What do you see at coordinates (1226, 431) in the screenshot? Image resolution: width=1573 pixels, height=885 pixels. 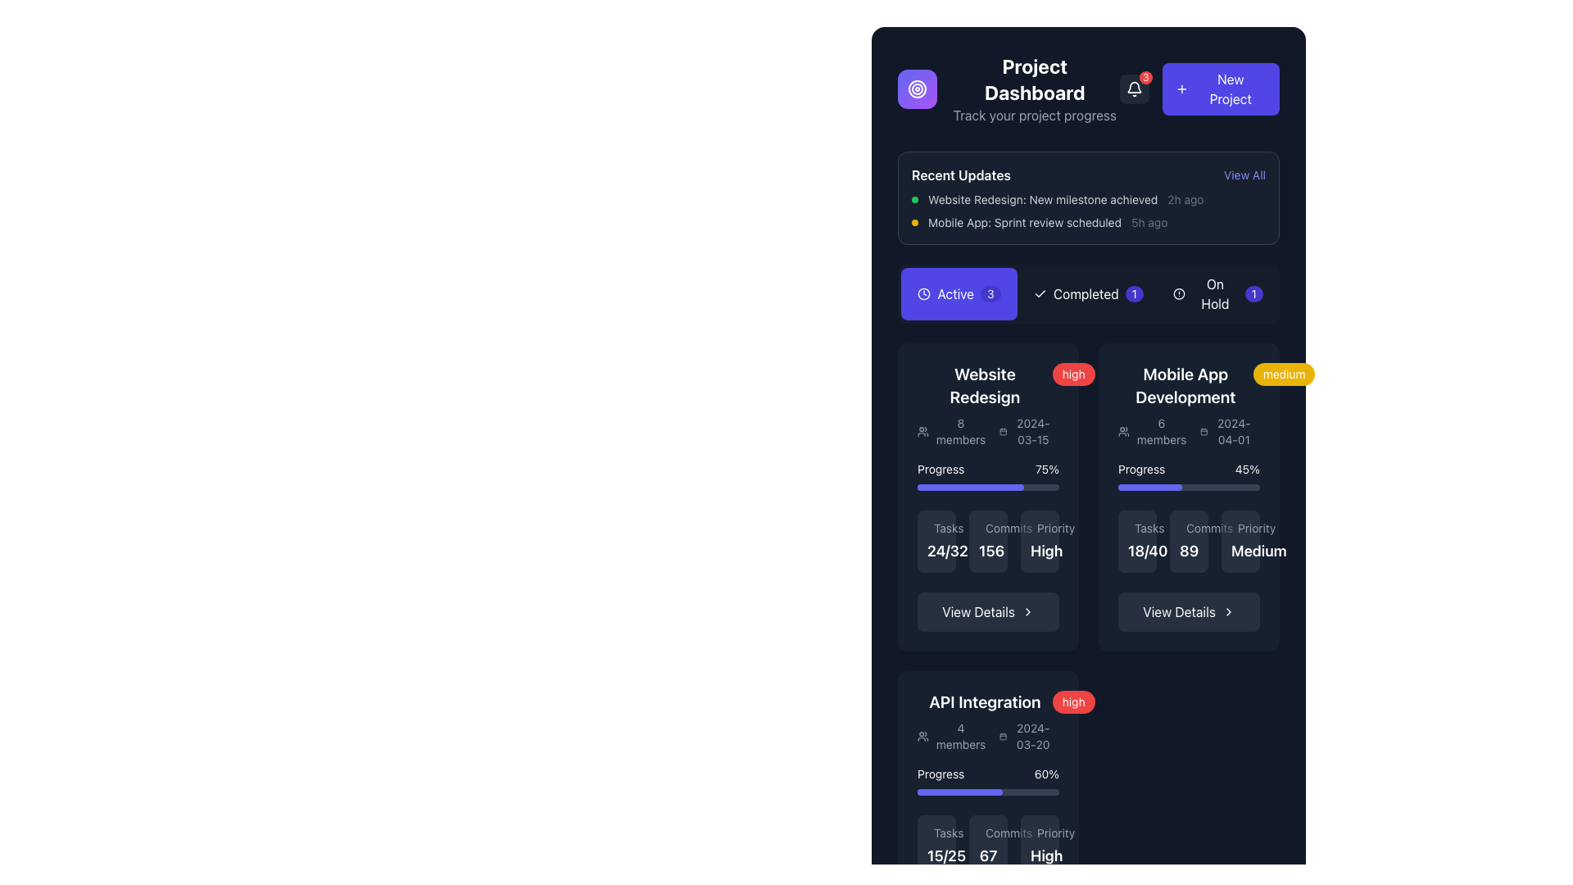 I see `or interpret the calendar icon located` at bounding box center [1226, 431].